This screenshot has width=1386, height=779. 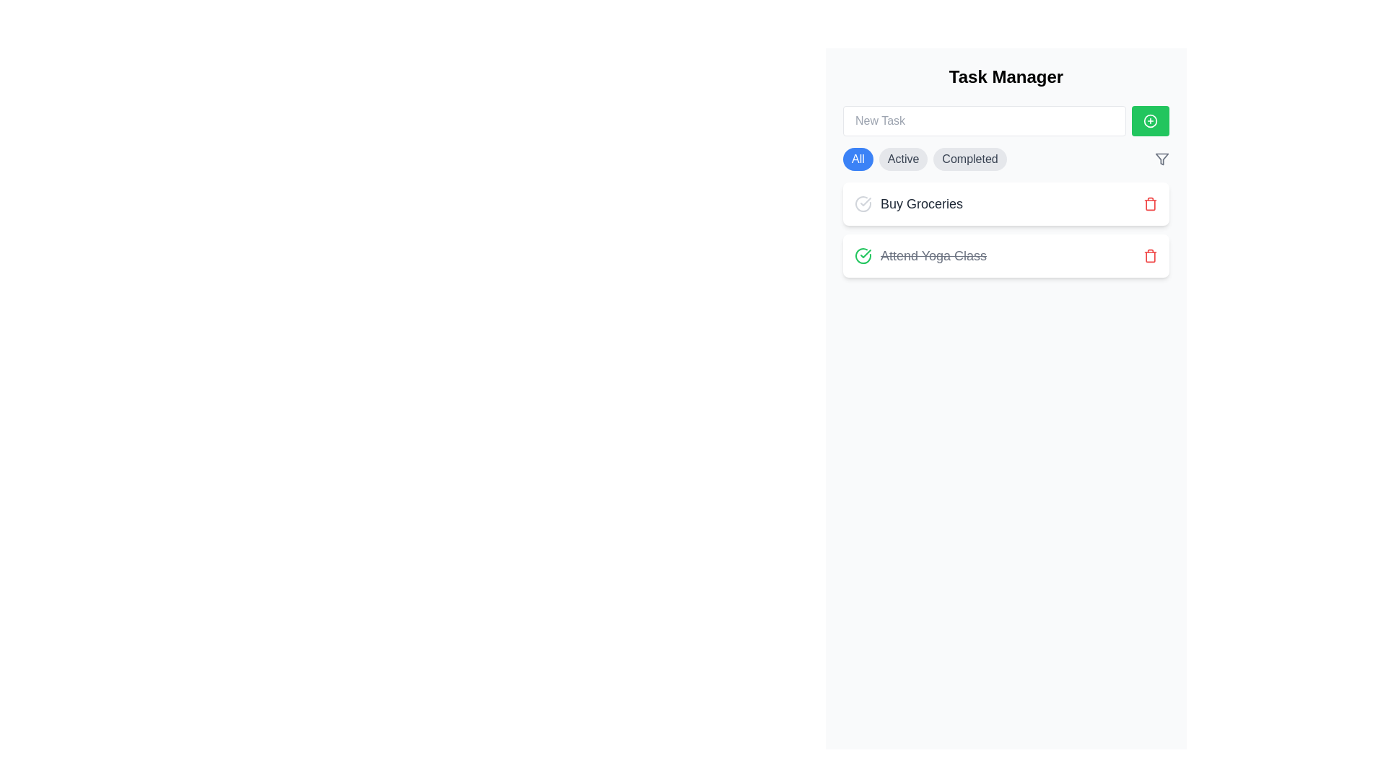 What do you see at coordinates (863, 255) in the screenshot?
I see `the circular completion indicator of the 'Attend Yoga Class' task` at bounding box center [863, 255].